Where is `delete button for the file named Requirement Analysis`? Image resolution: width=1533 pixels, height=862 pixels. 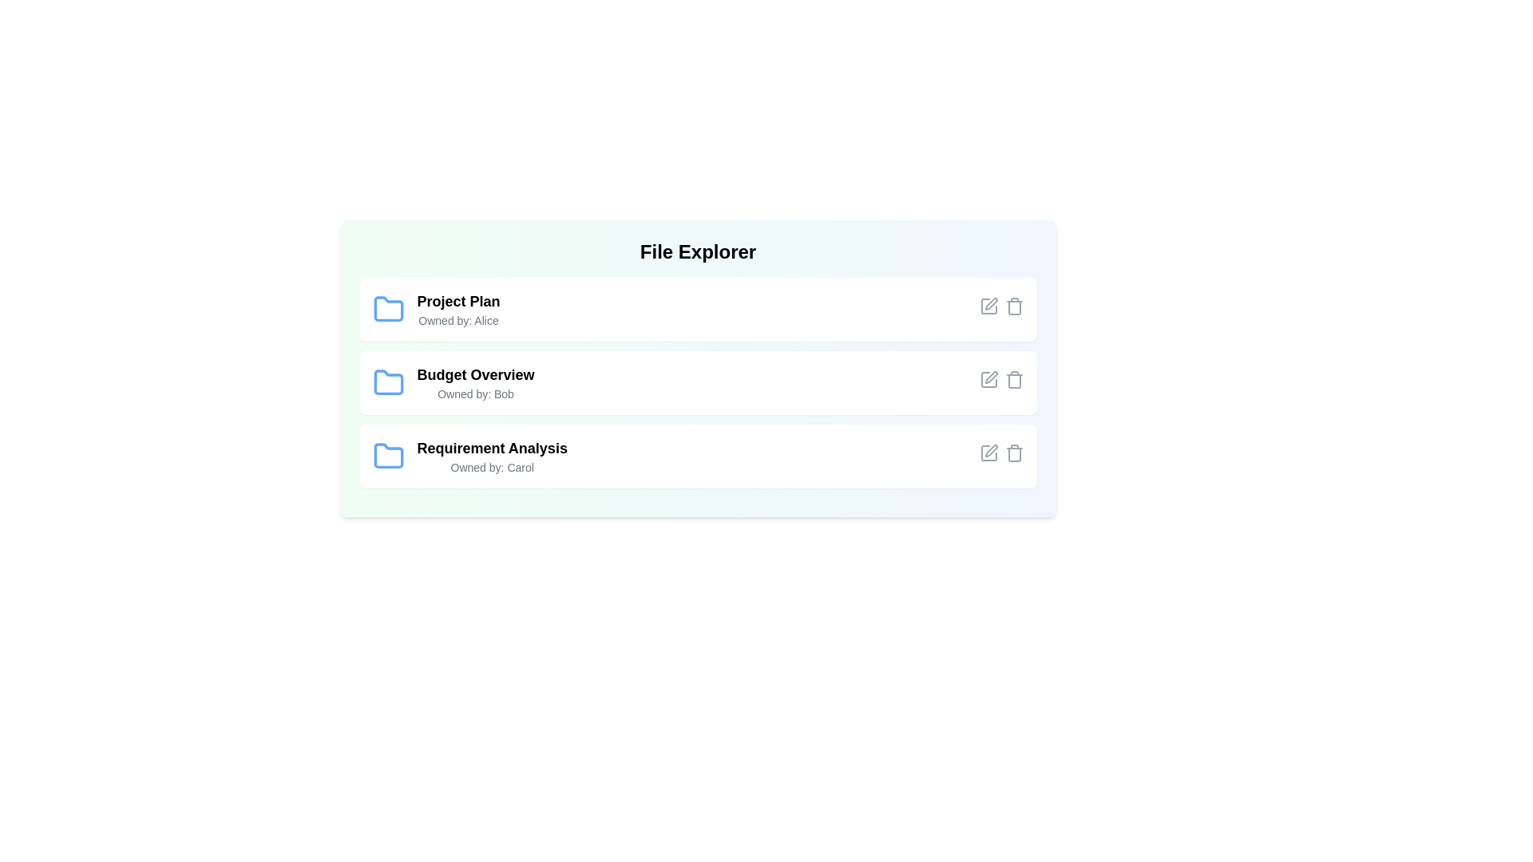
delete button for the file named Requirement Analysis is located at coordinates (1013, 453).